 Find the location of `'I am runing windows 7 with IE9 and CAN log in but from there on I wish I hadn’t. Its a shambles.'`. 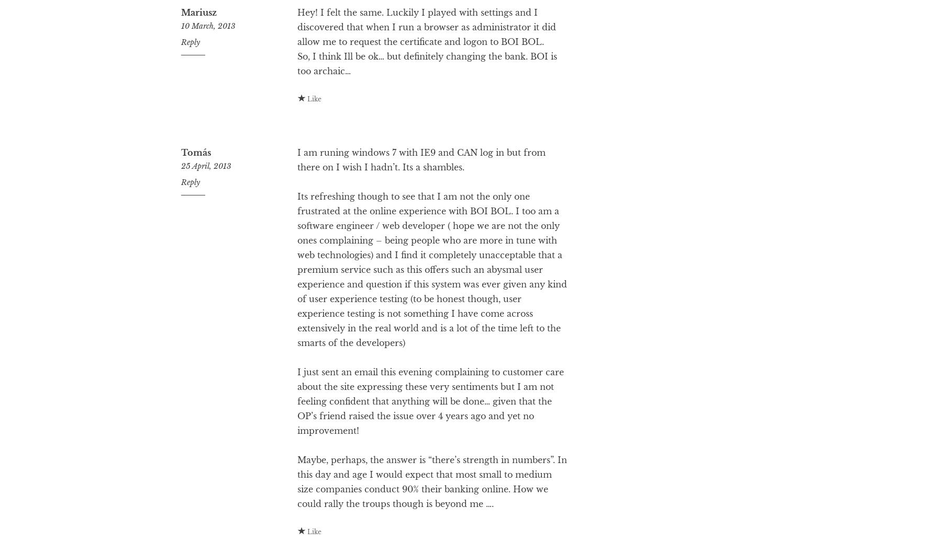

'I am runing windows 7 with IE9 and CAN log in but from there on I wish I hadn’t. Its a shambles.' is located at coordinates (296, 201).